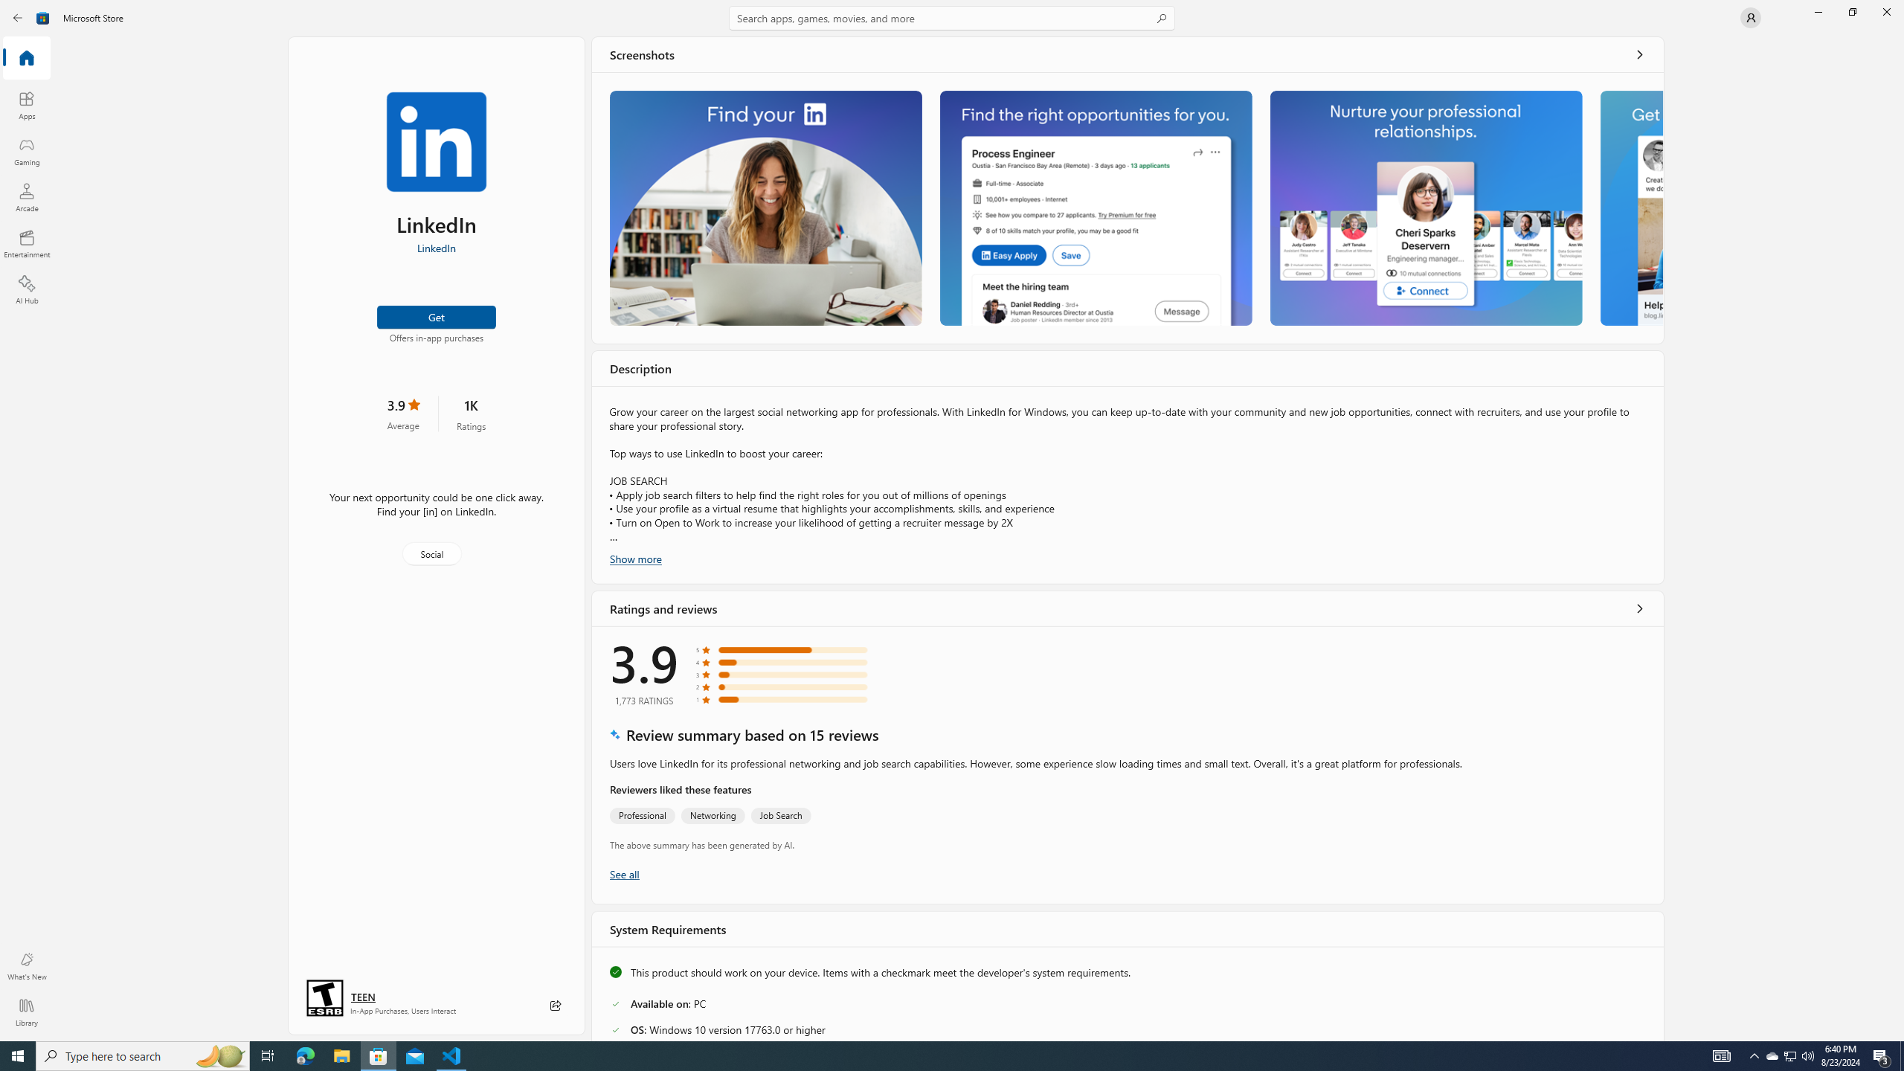 This screenshot has width=1904, height=1071. What do you see at coordinates (765, 208) in the screenshot?
I see `'Screenshot 1'` at bounding box center [765, 208].